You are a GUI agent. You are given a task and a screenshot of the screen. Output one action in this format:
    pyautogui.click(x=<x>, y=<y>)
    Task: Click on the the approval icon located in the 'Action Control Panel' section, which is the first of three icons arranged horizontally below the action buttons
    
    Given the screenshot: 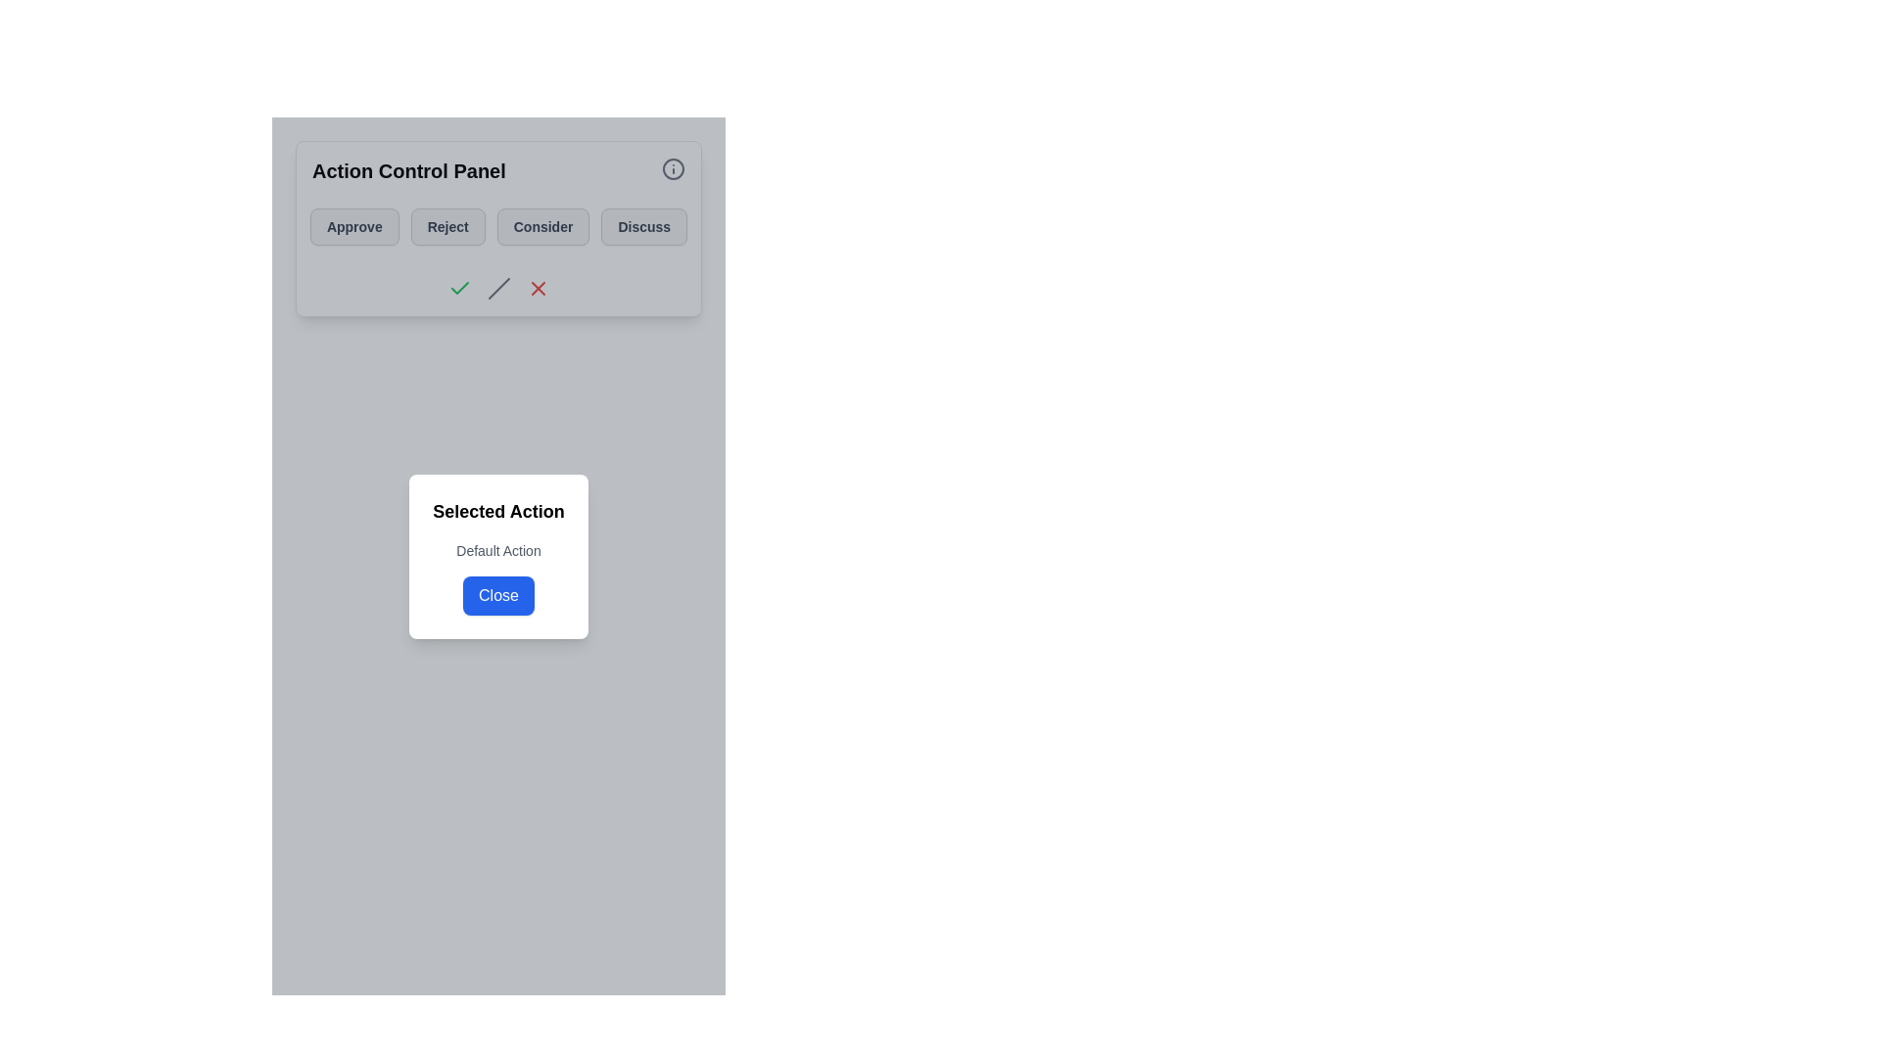 What is the action you would take?
    pyautogui.click(x=458, y=288)
    